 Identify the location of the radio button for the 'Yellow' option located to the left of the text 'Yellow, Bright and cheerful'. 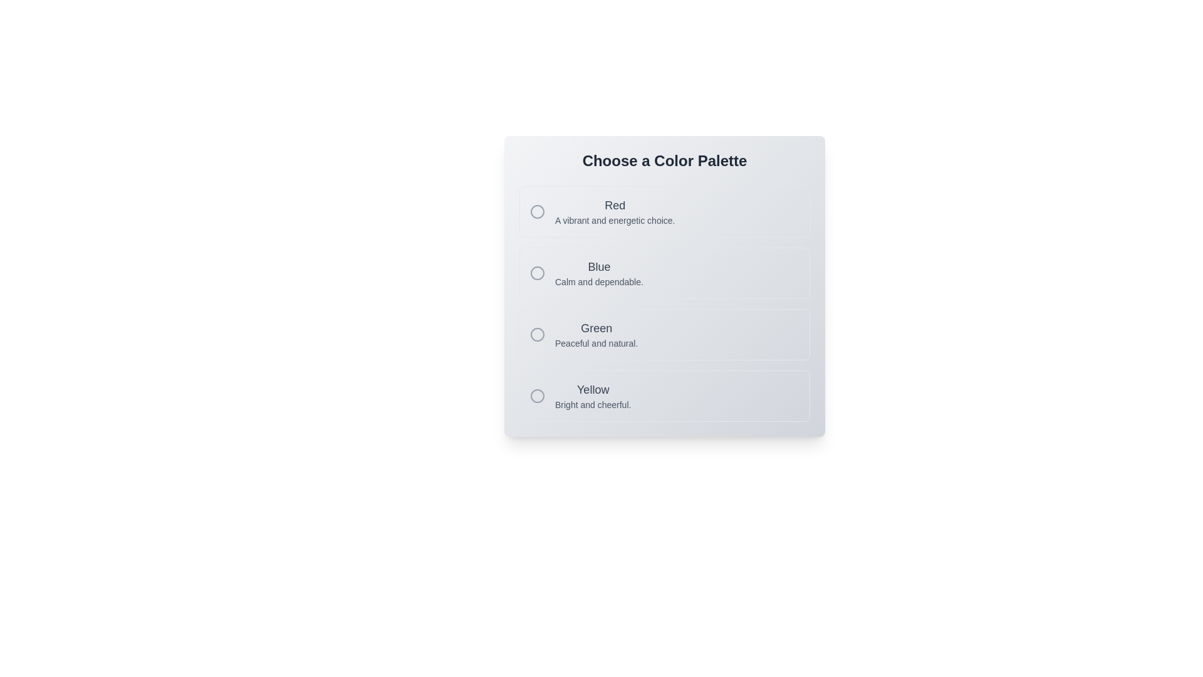
(538, 396).